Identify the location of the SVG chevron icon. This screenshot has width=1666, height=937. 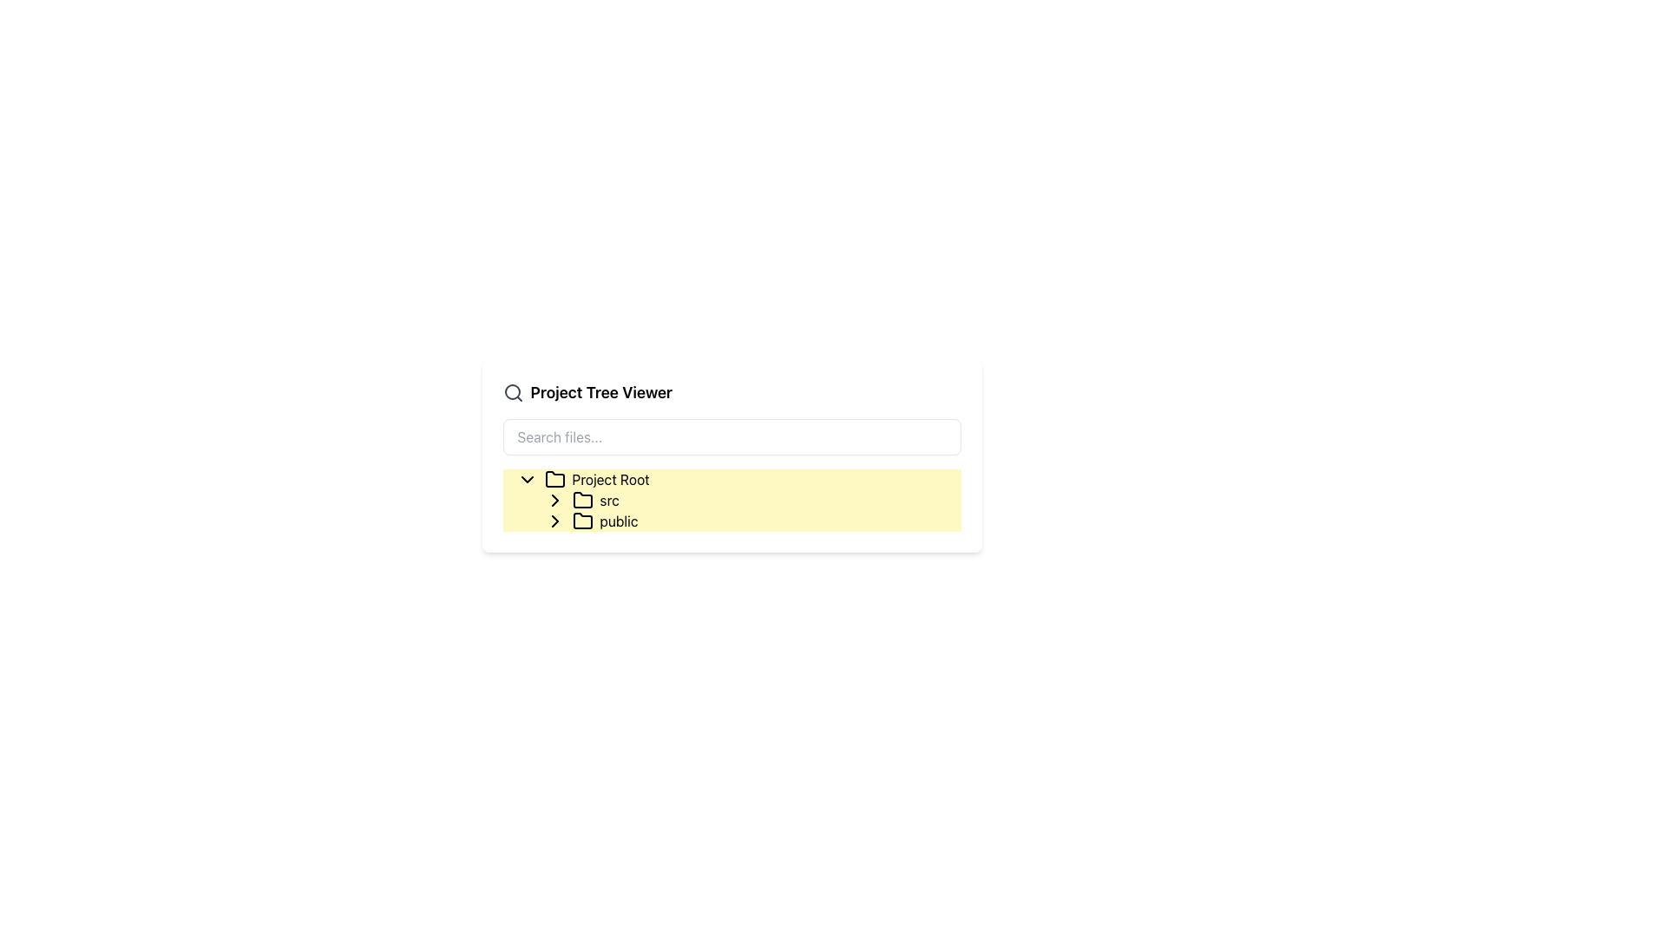
(554, 501).